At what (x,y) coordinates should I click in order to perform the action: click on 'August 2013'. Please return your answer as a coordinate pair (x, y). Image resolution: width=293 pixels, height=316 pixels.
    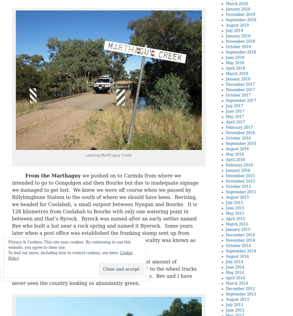
    Looking at the image, I should click on (237, 299).